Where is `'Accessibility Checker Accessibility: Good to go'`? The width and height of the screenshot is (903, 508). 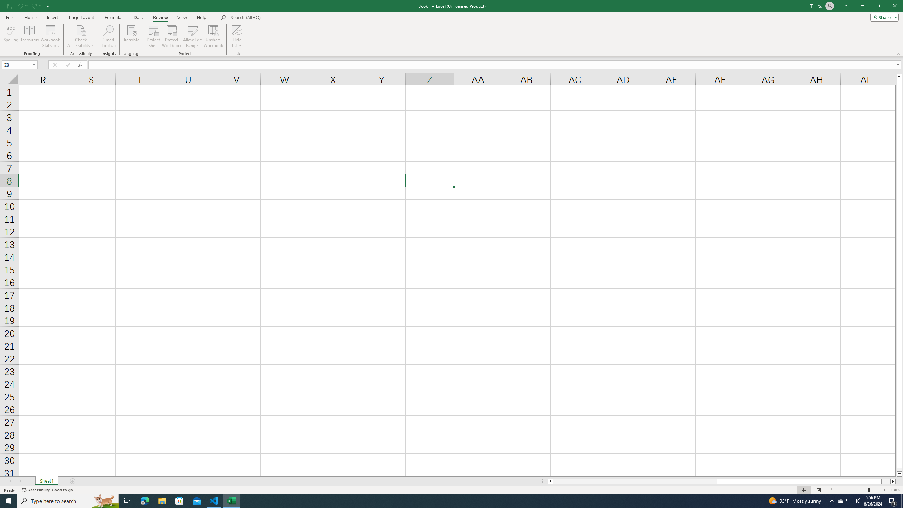
'Accessibility Checker Accessibility: Good to go' is located at coordinates (47, 490).